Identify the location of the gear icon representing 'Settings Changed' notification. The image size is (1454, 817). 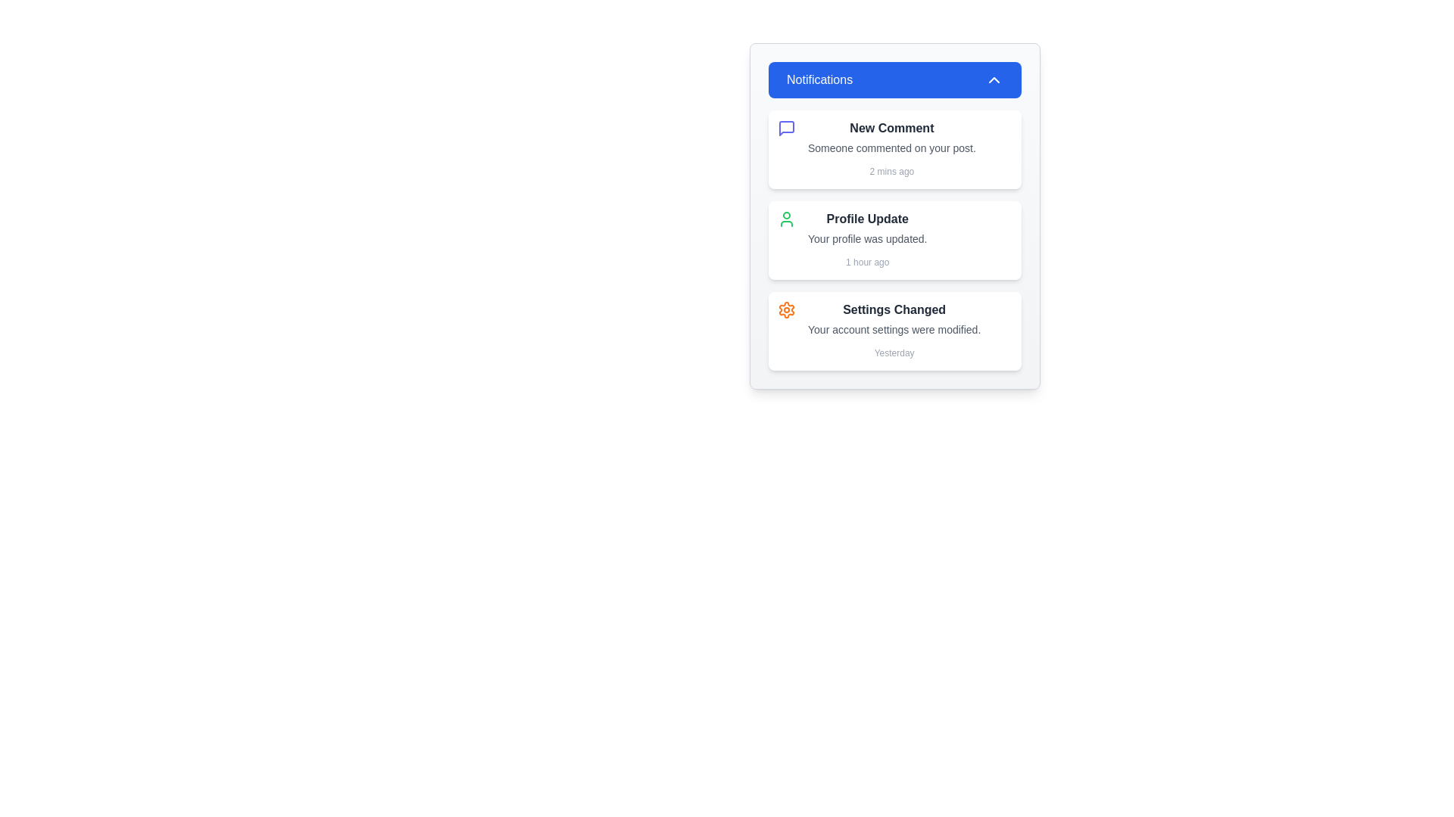
(786, 309).